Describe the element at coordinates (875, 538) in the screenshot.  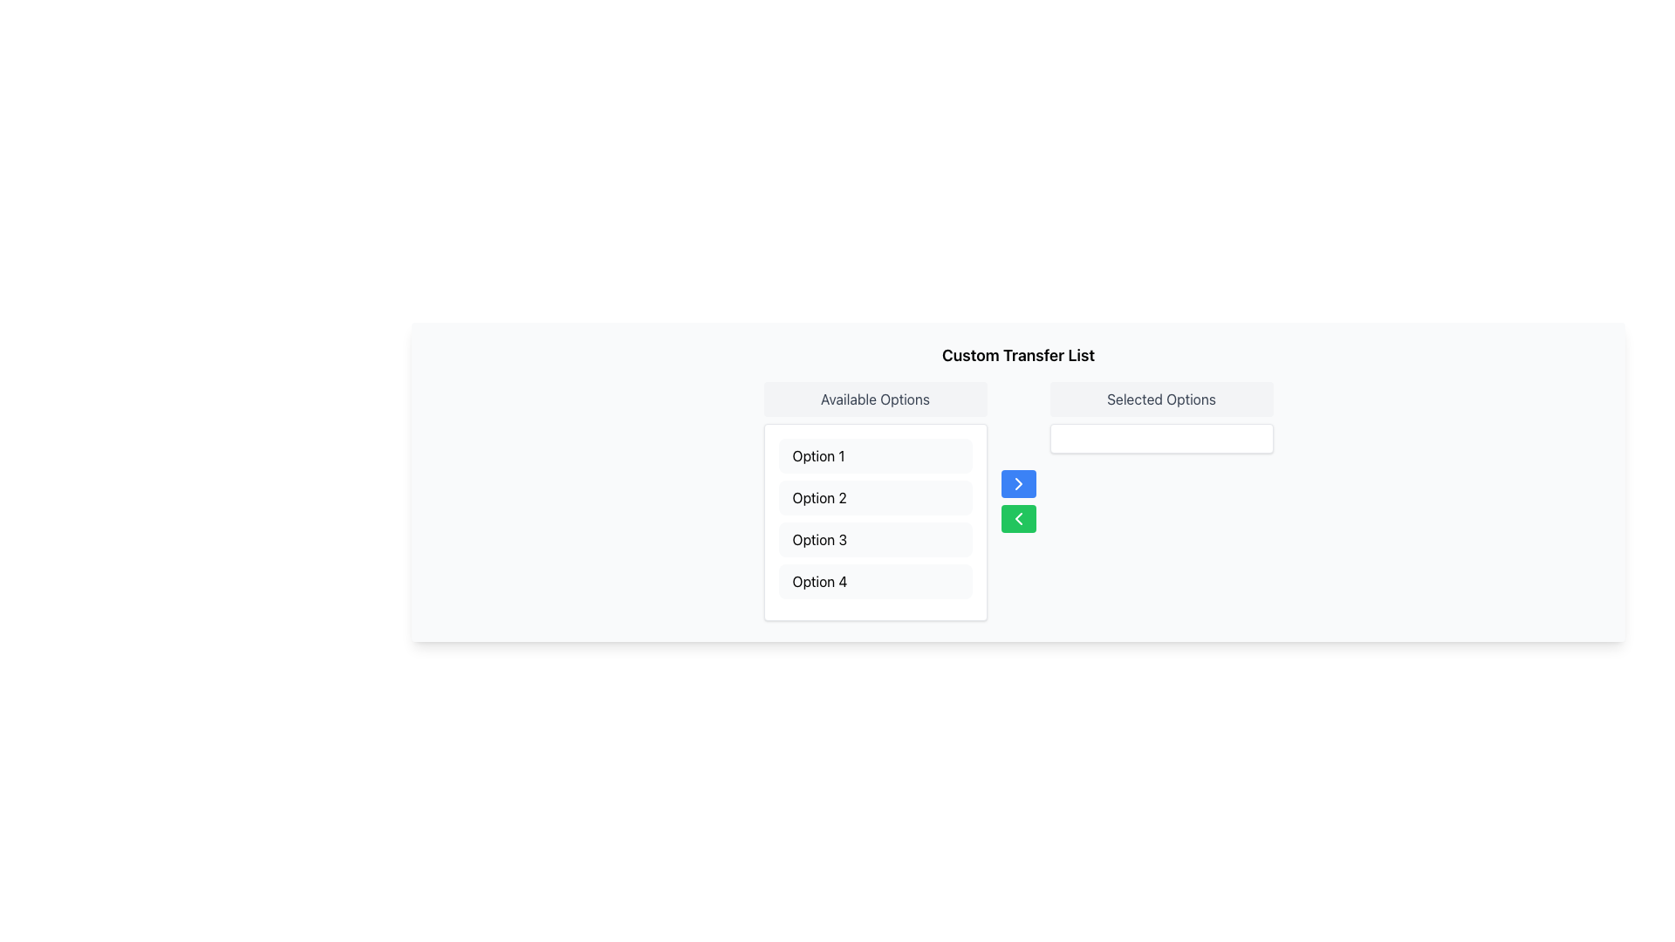
I see `the third item in the vertical list of options under 'Available Options'` at that location.